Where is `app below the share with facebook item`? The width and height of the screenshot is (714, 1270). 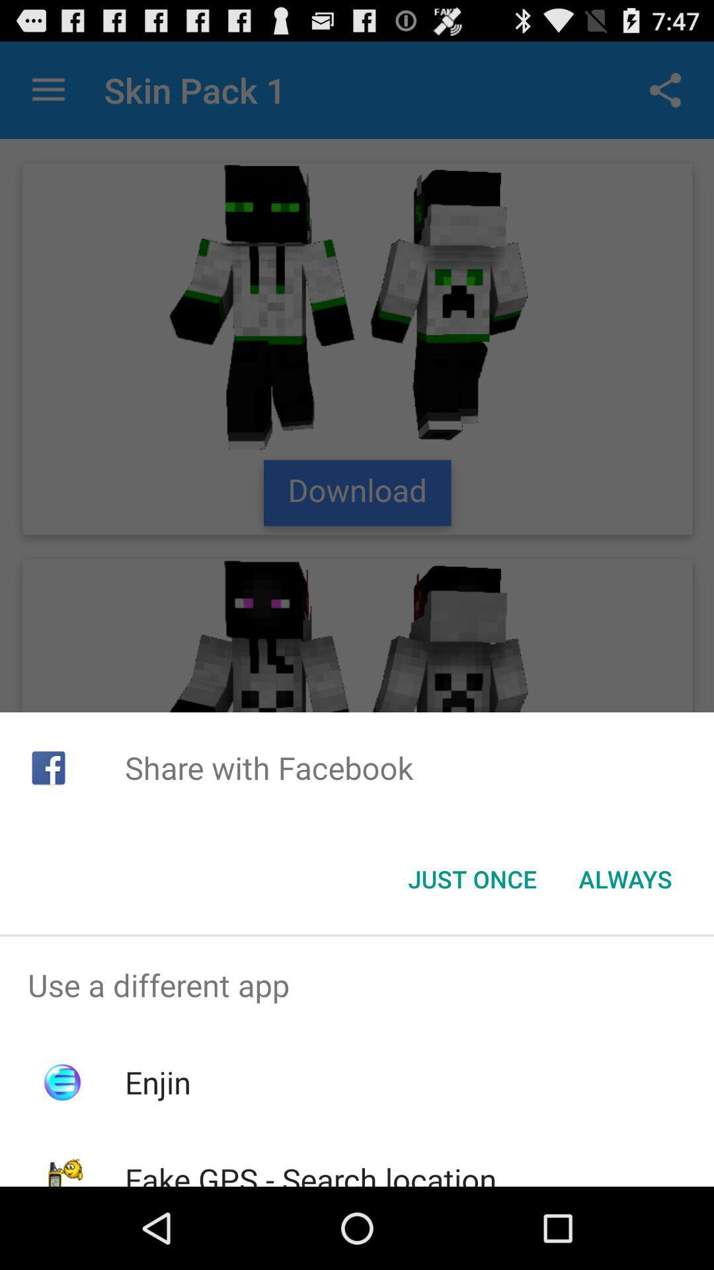
app below the share with facebook item is located at coordinates (625, 879).